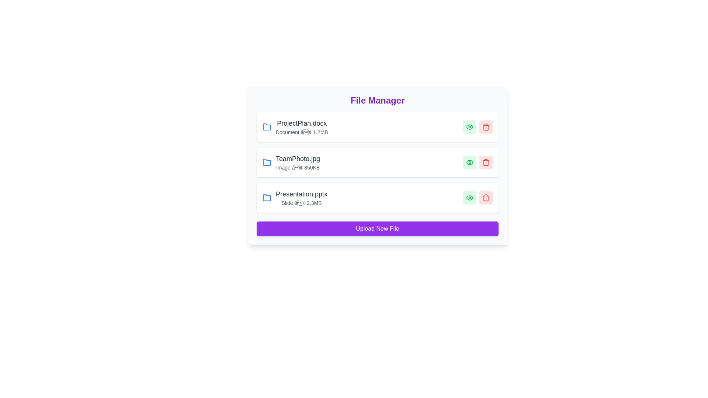 The image size is (708, 398). Describe the element at coordinates (295, 126) in the screenshot. I see `the file ProjectPlan.docx to open its context menu` at that location.